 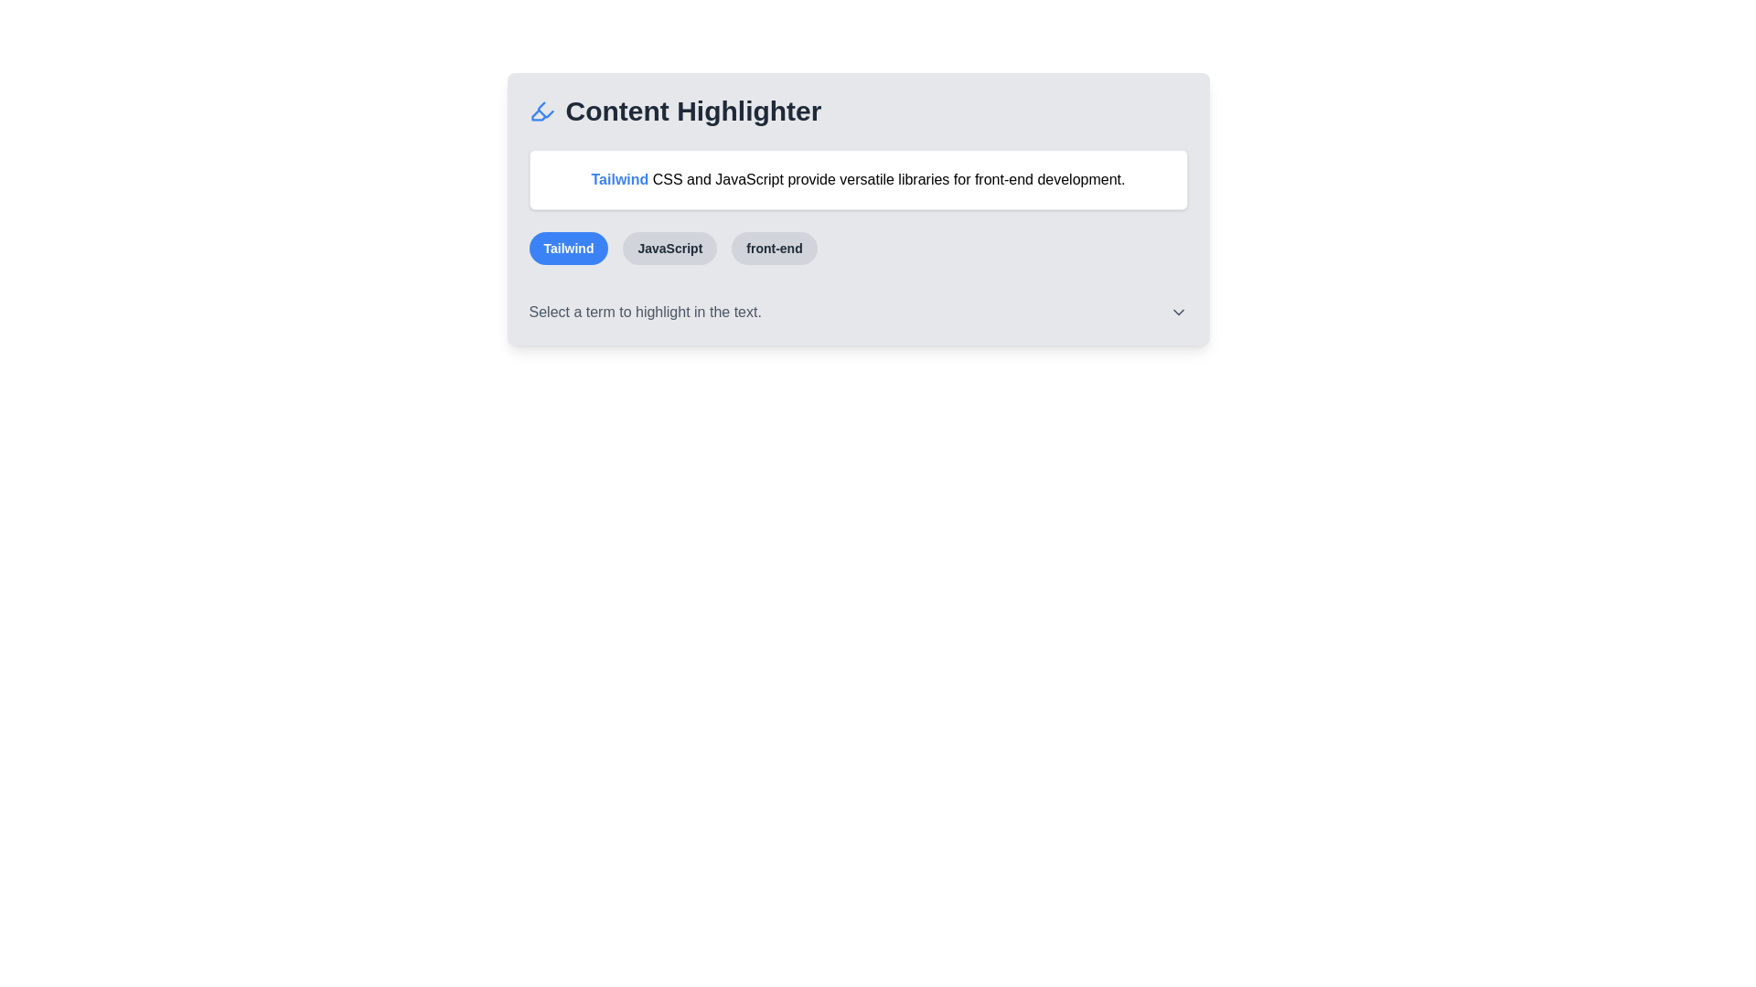 I want to click on the 'Tailwind' button, which is a rounded rectangle with a blue background and white text, so click(x=567, y=249).